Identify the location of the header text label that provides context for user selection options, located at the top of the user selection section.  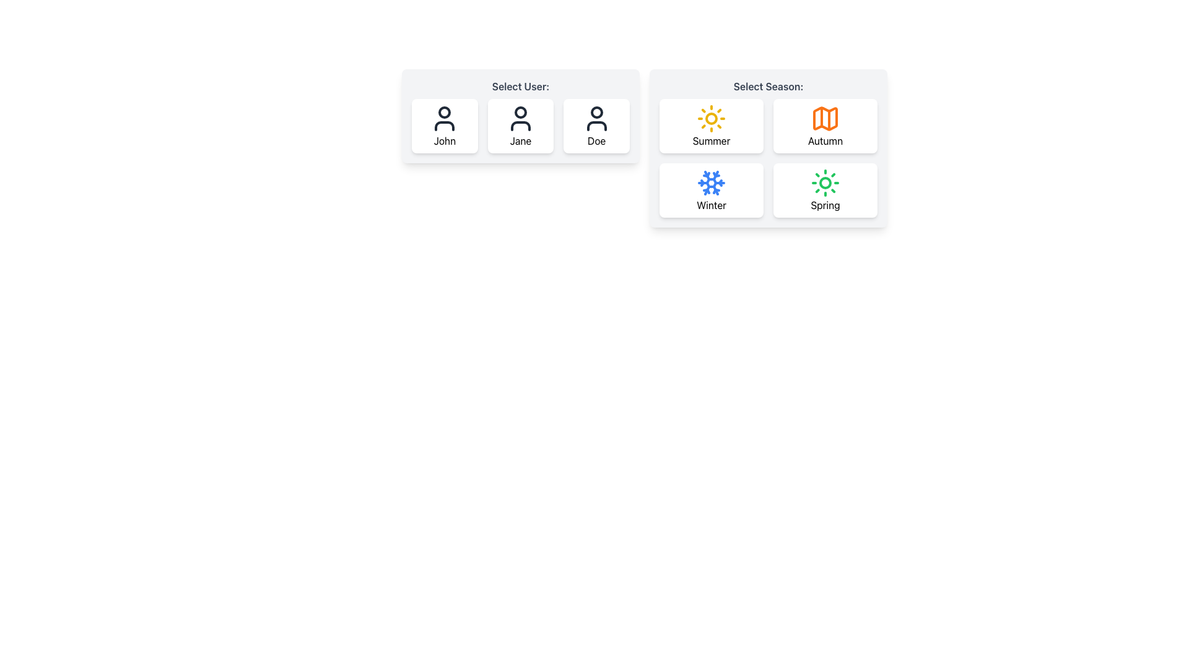
(520, 85).